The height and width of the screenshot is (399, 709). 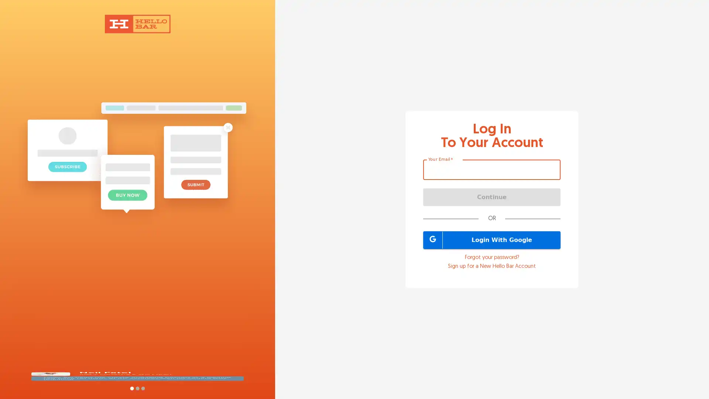 What do you see at coordinates (143, 388) in the screenshot?
I see `carousel indicator 3` at bounding box center [143, 388].